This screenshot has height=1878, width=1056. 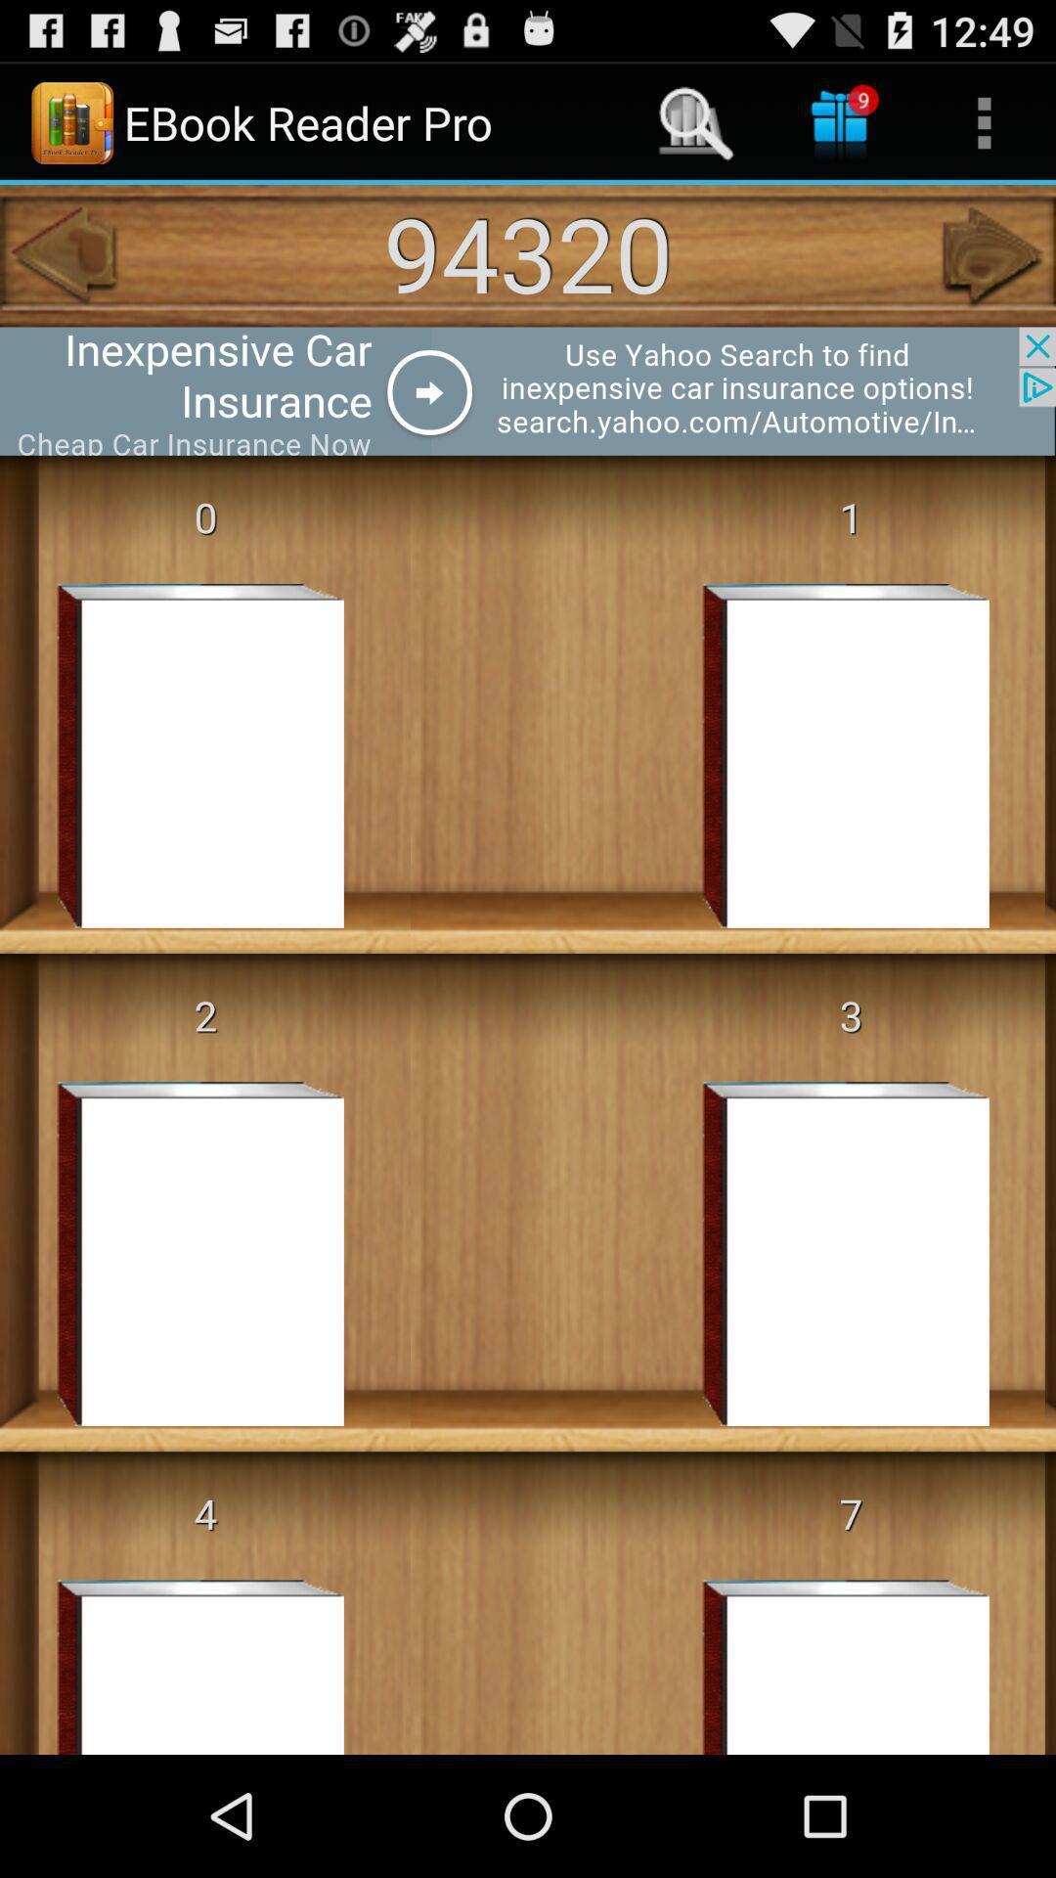 I want to click on item above the 94320, so click(x=984, y=121).